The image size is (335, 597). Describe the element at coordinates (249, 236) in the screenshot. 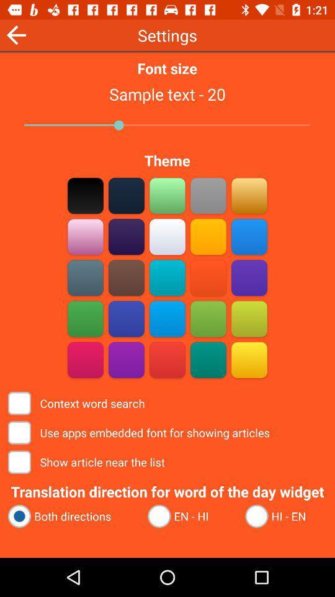

I see `blue` at that location.